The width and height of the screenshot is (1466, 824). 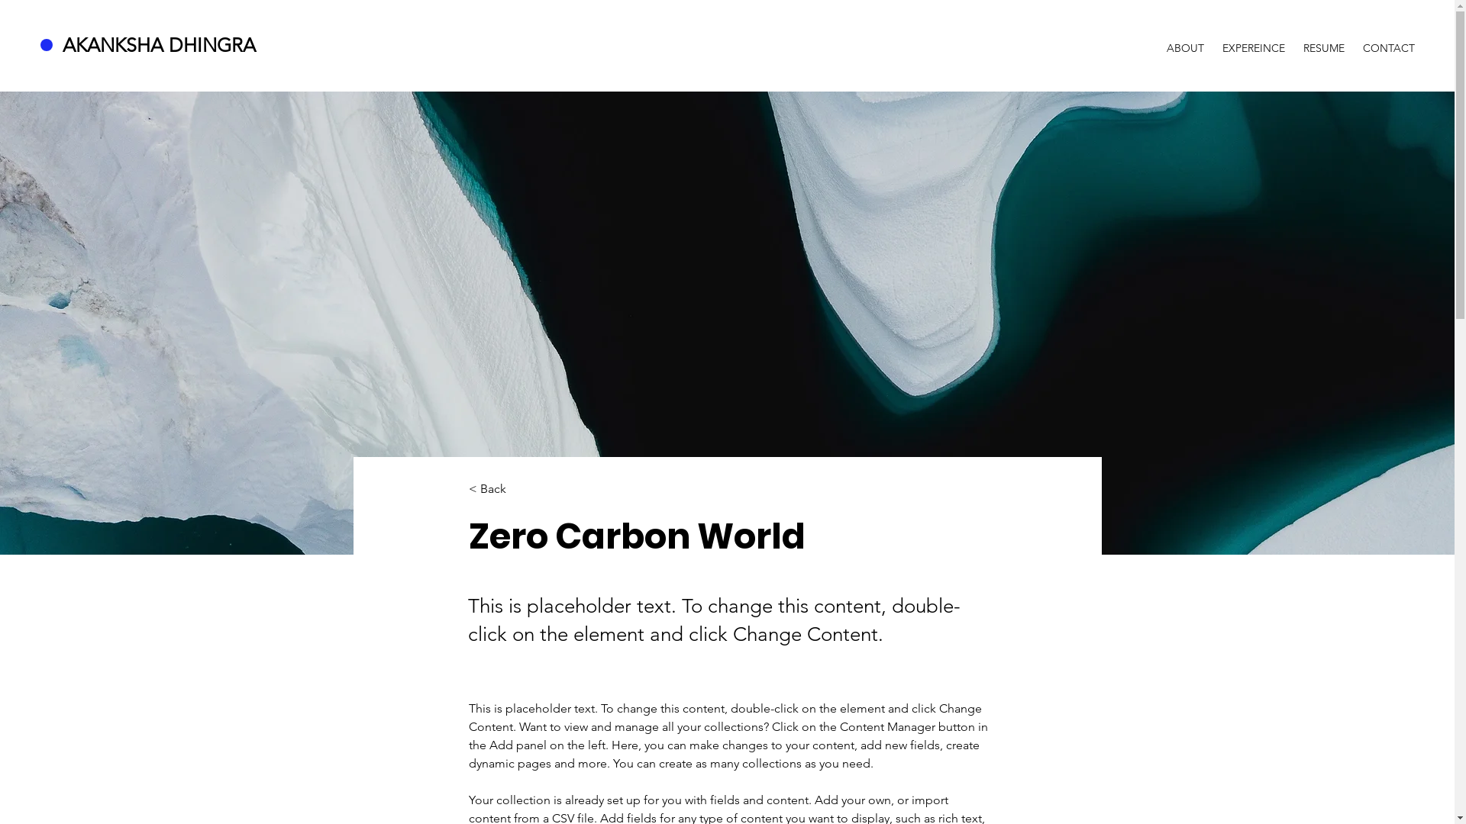 What do you see at coordinates (1389, 40) in the screenshot?
I see `'CONTACT'` at bounding box center [1389, 40].